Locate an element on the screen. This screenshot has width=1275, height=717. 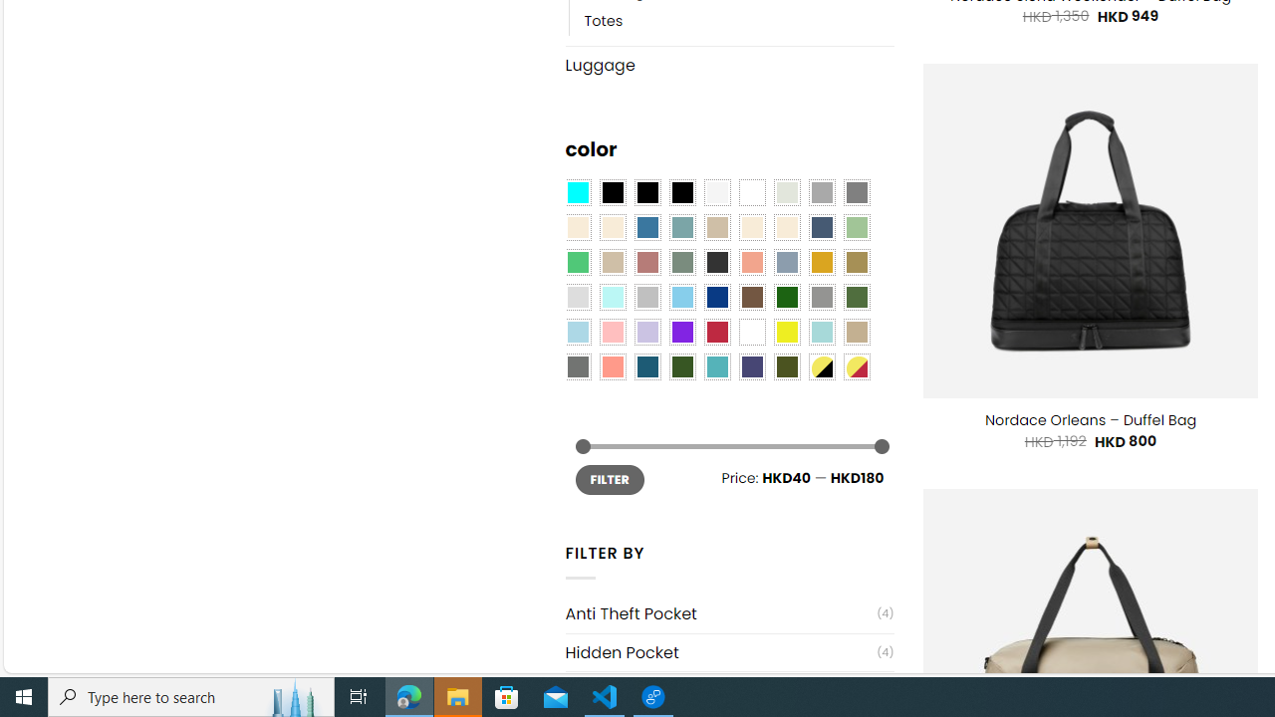
'Charcoal' is located at coordinates (717, 262).